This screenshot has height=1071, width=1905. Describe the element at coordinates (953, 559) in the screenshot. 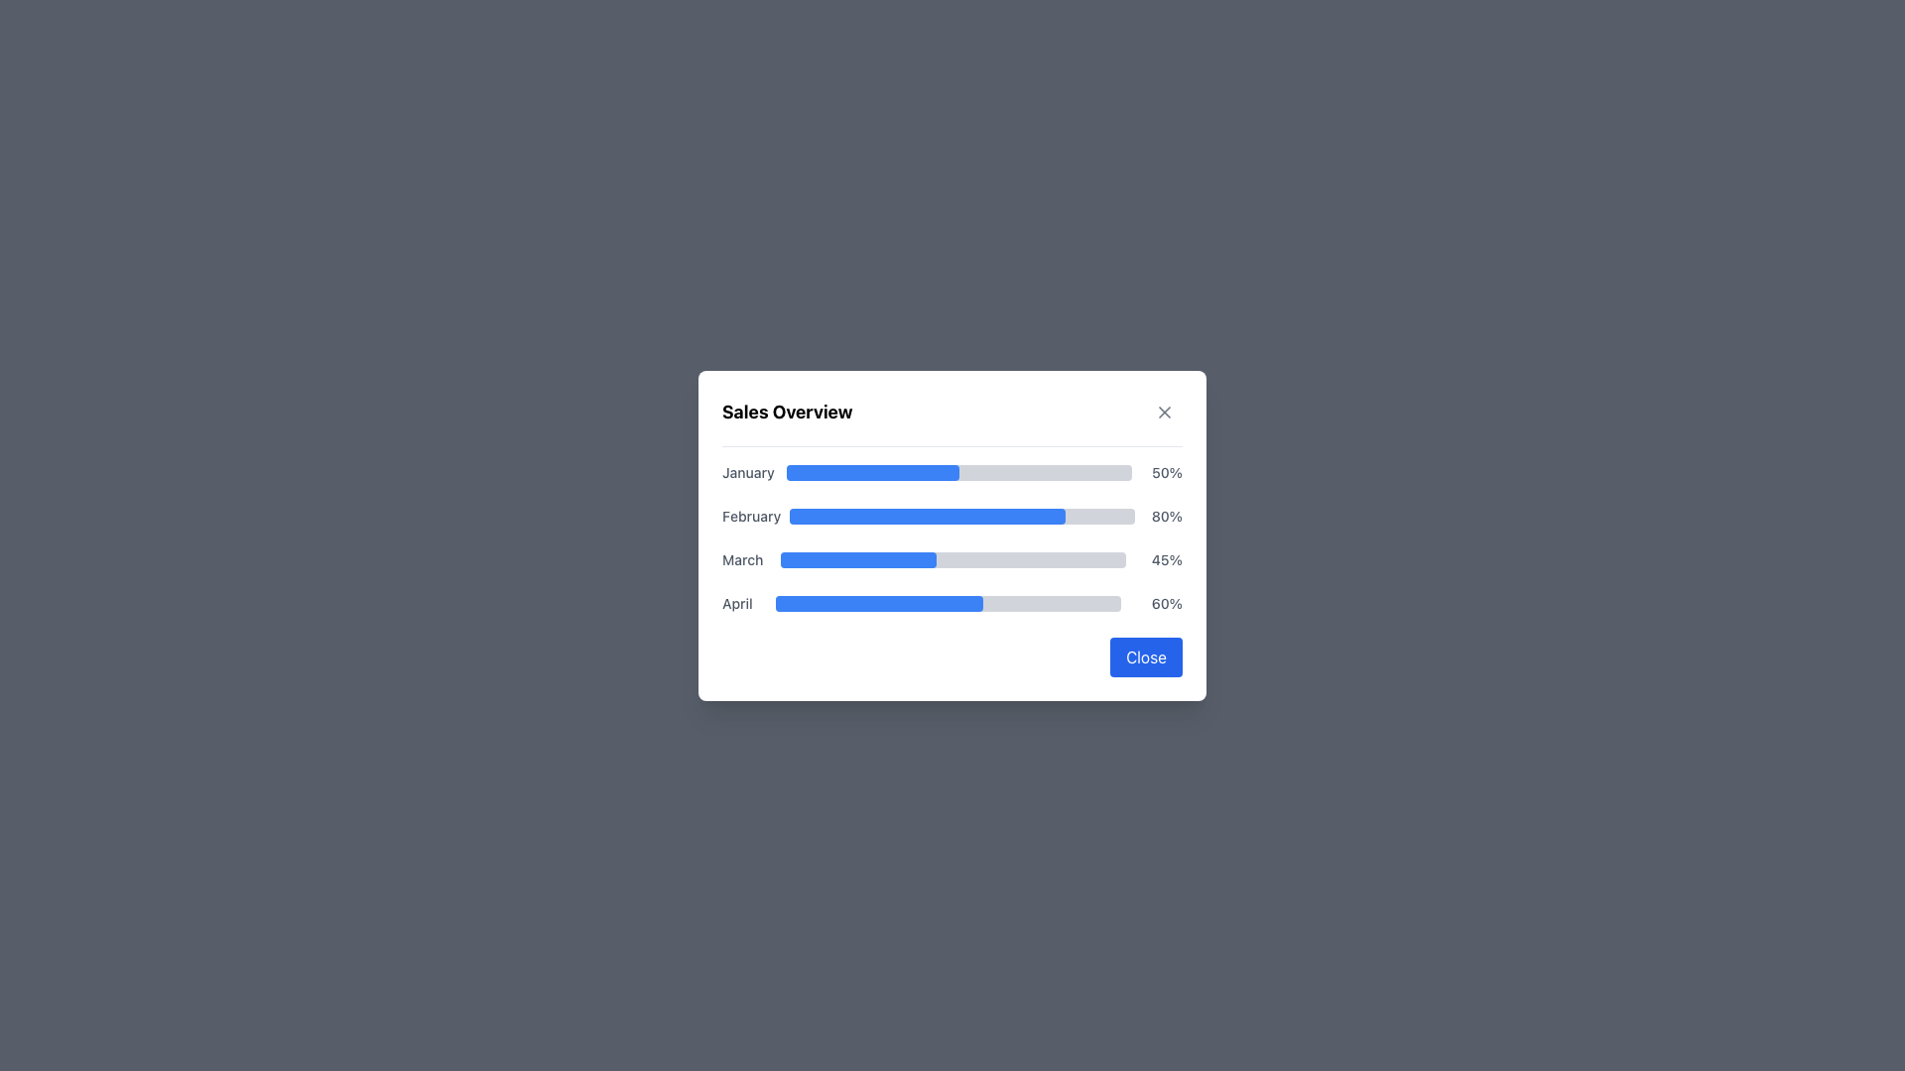

I see `the third progress bar in the list labeled 'March', which has a gray background and a blue filled segment indicating 45% progress` at that location.